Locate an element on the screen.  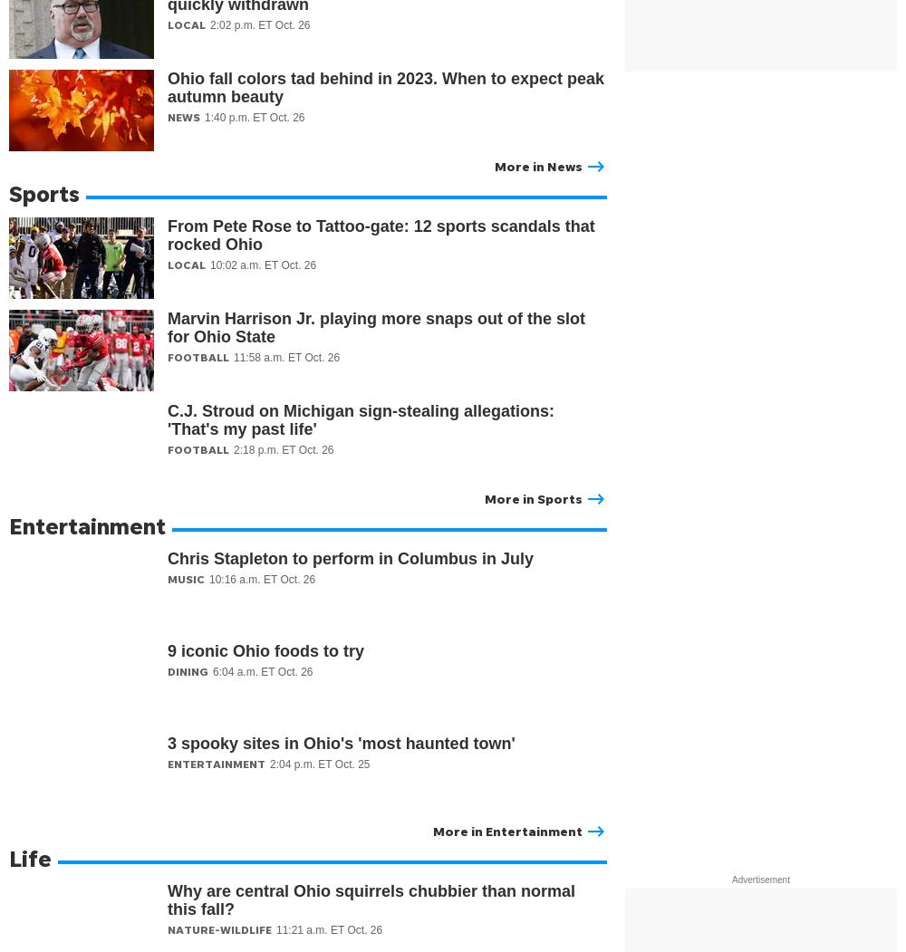
'From Pete Rose to Tattoo-gate: 12 sports scandals that rocked Ohio' is located at coordinates (381, 236).